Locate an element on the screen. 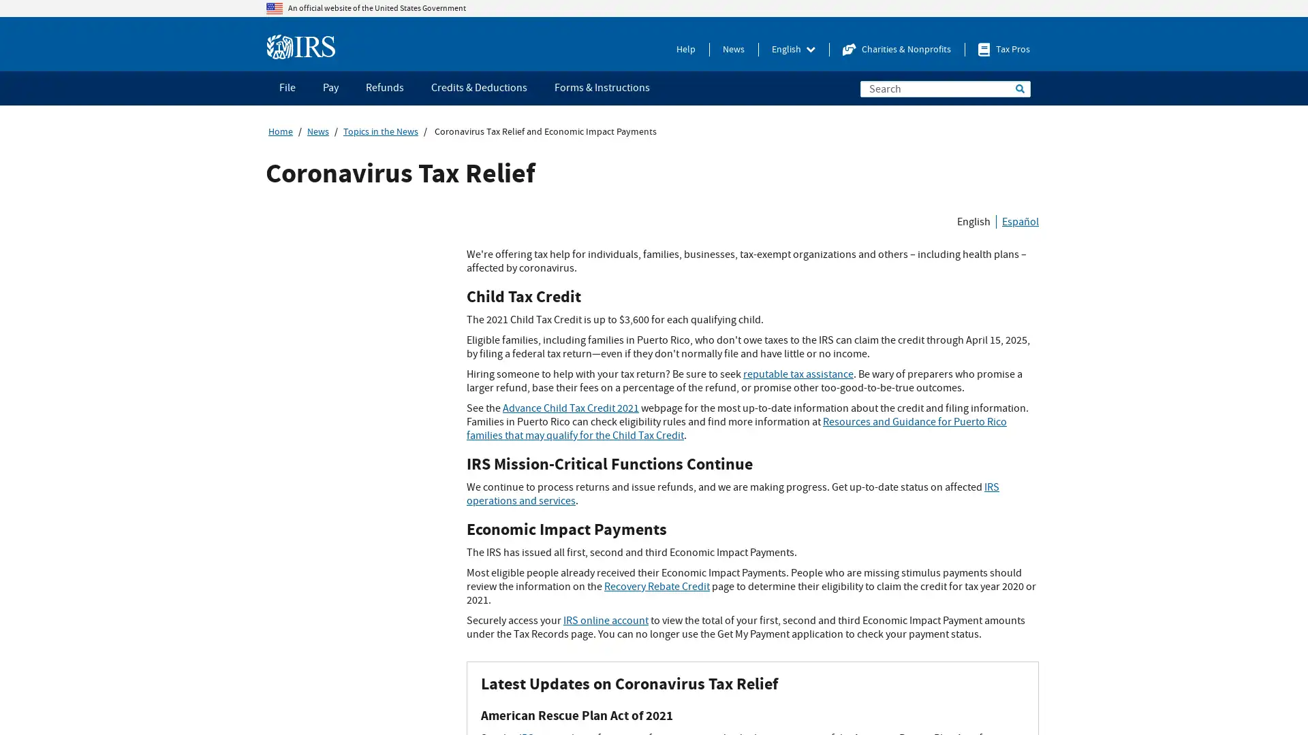  Press enter to activate the menu, then navigate with the tab key. is located at coordinates (794, 49).